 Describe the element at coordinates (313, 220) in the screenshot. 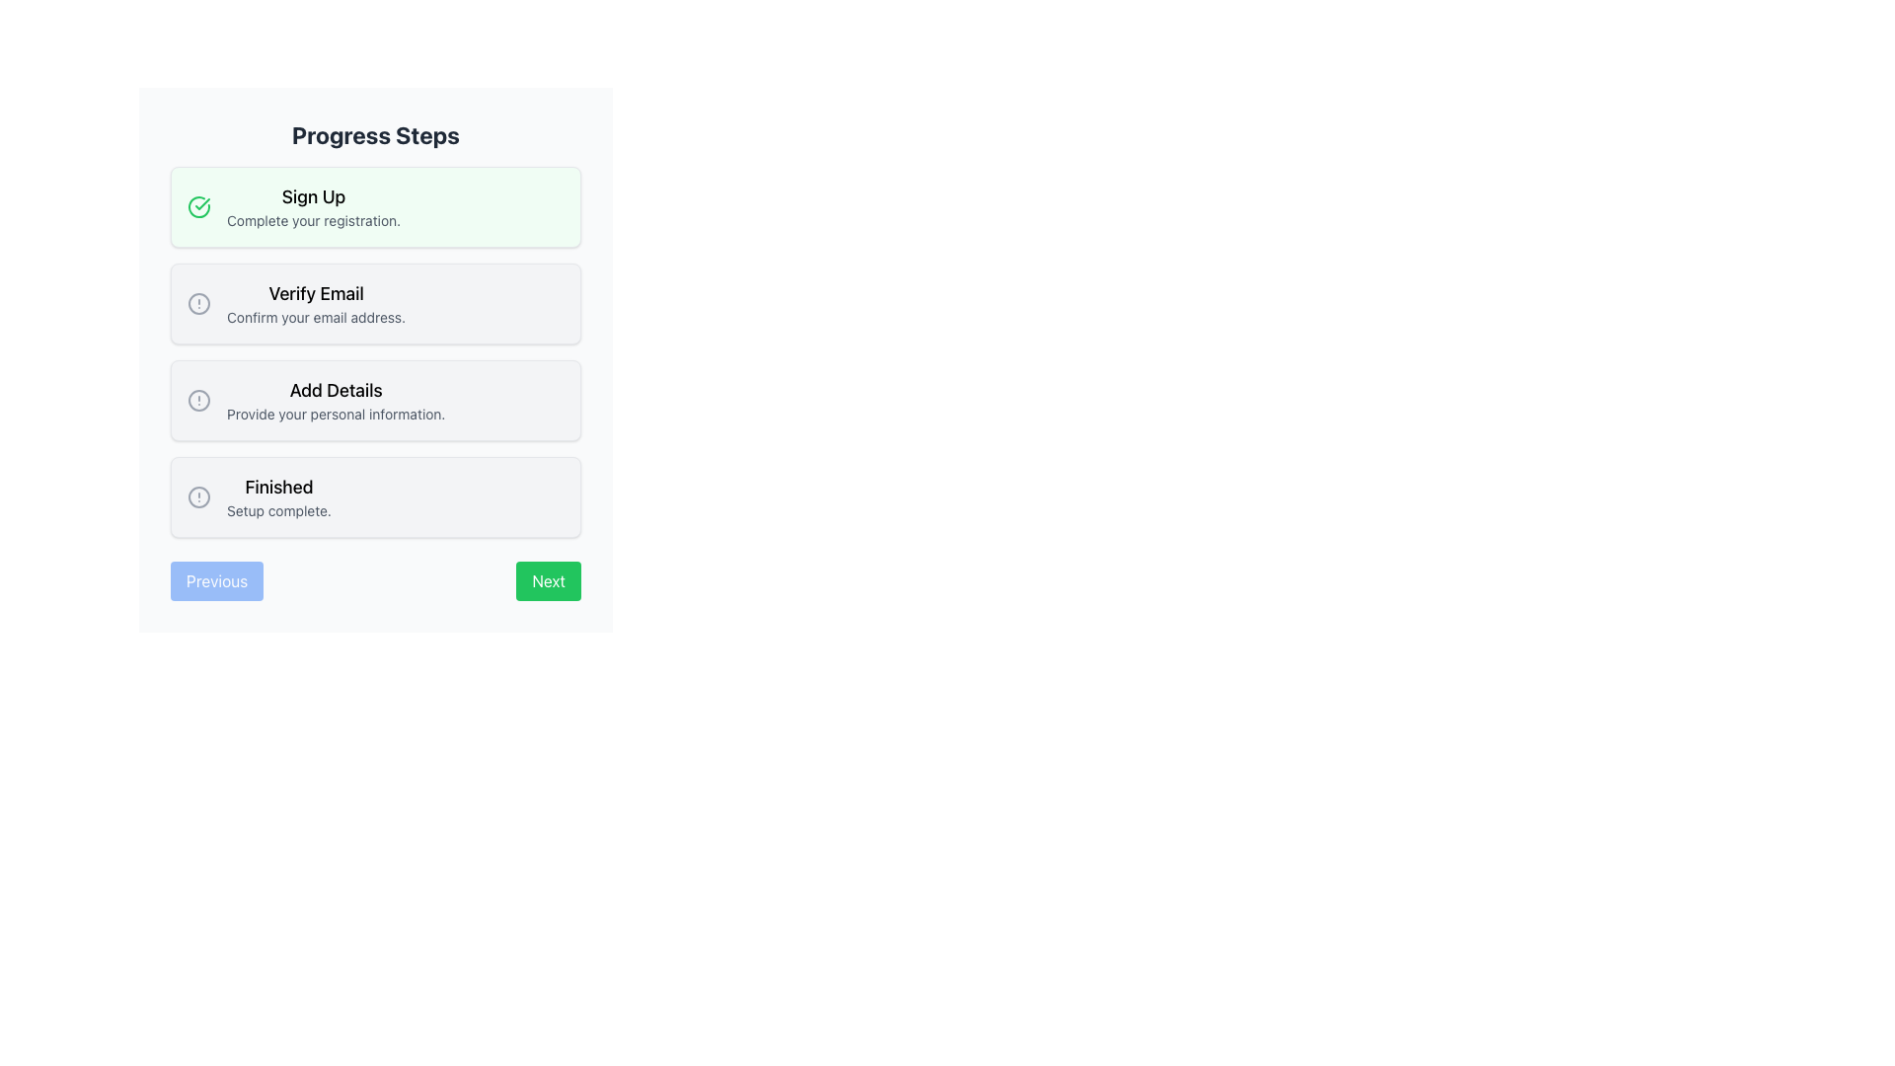

I see `the text element that reads 'Complete your registration.' which is styled in small gray font and positioned below 'Sign Up' within a green-highlighted box` at that location.